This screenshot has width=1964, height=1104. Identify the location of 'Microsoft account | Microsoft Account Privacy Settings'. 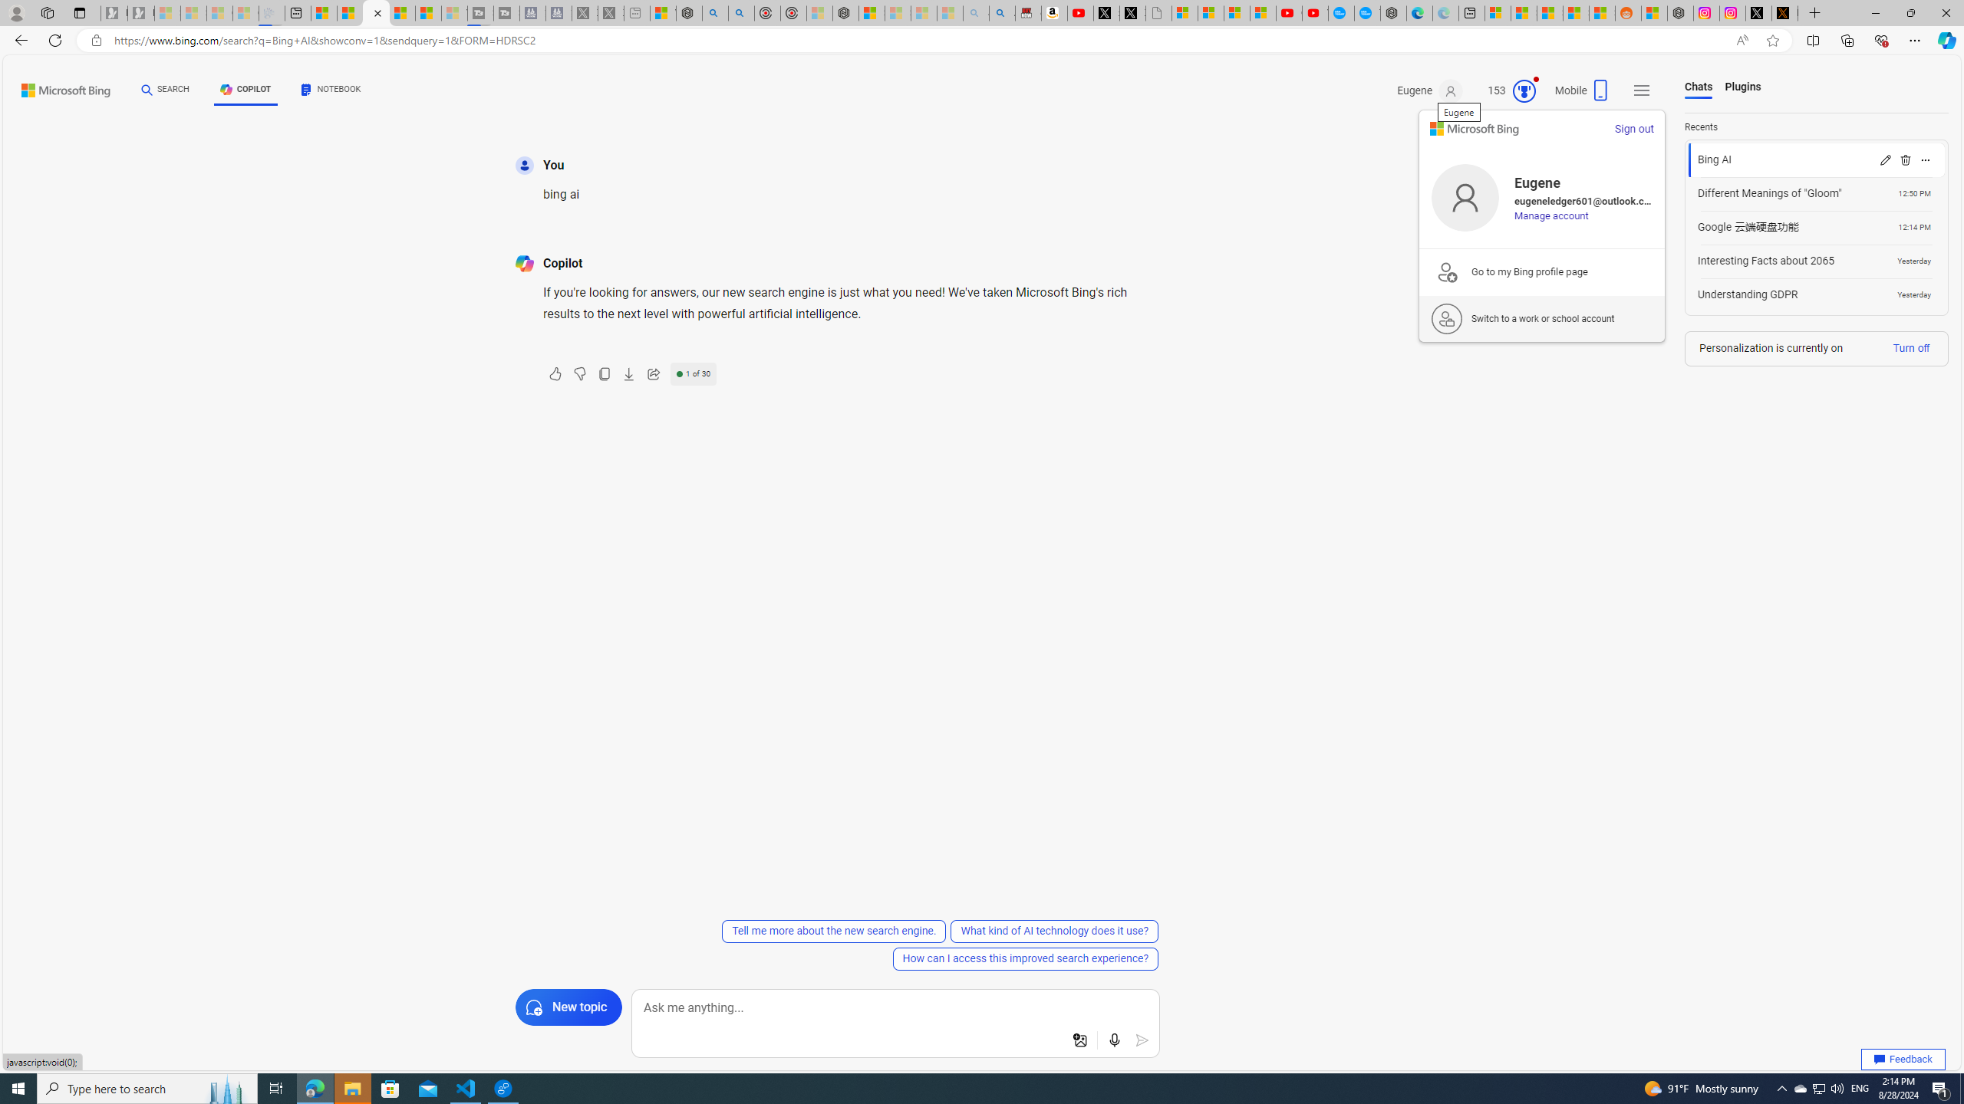
(1498, 12).